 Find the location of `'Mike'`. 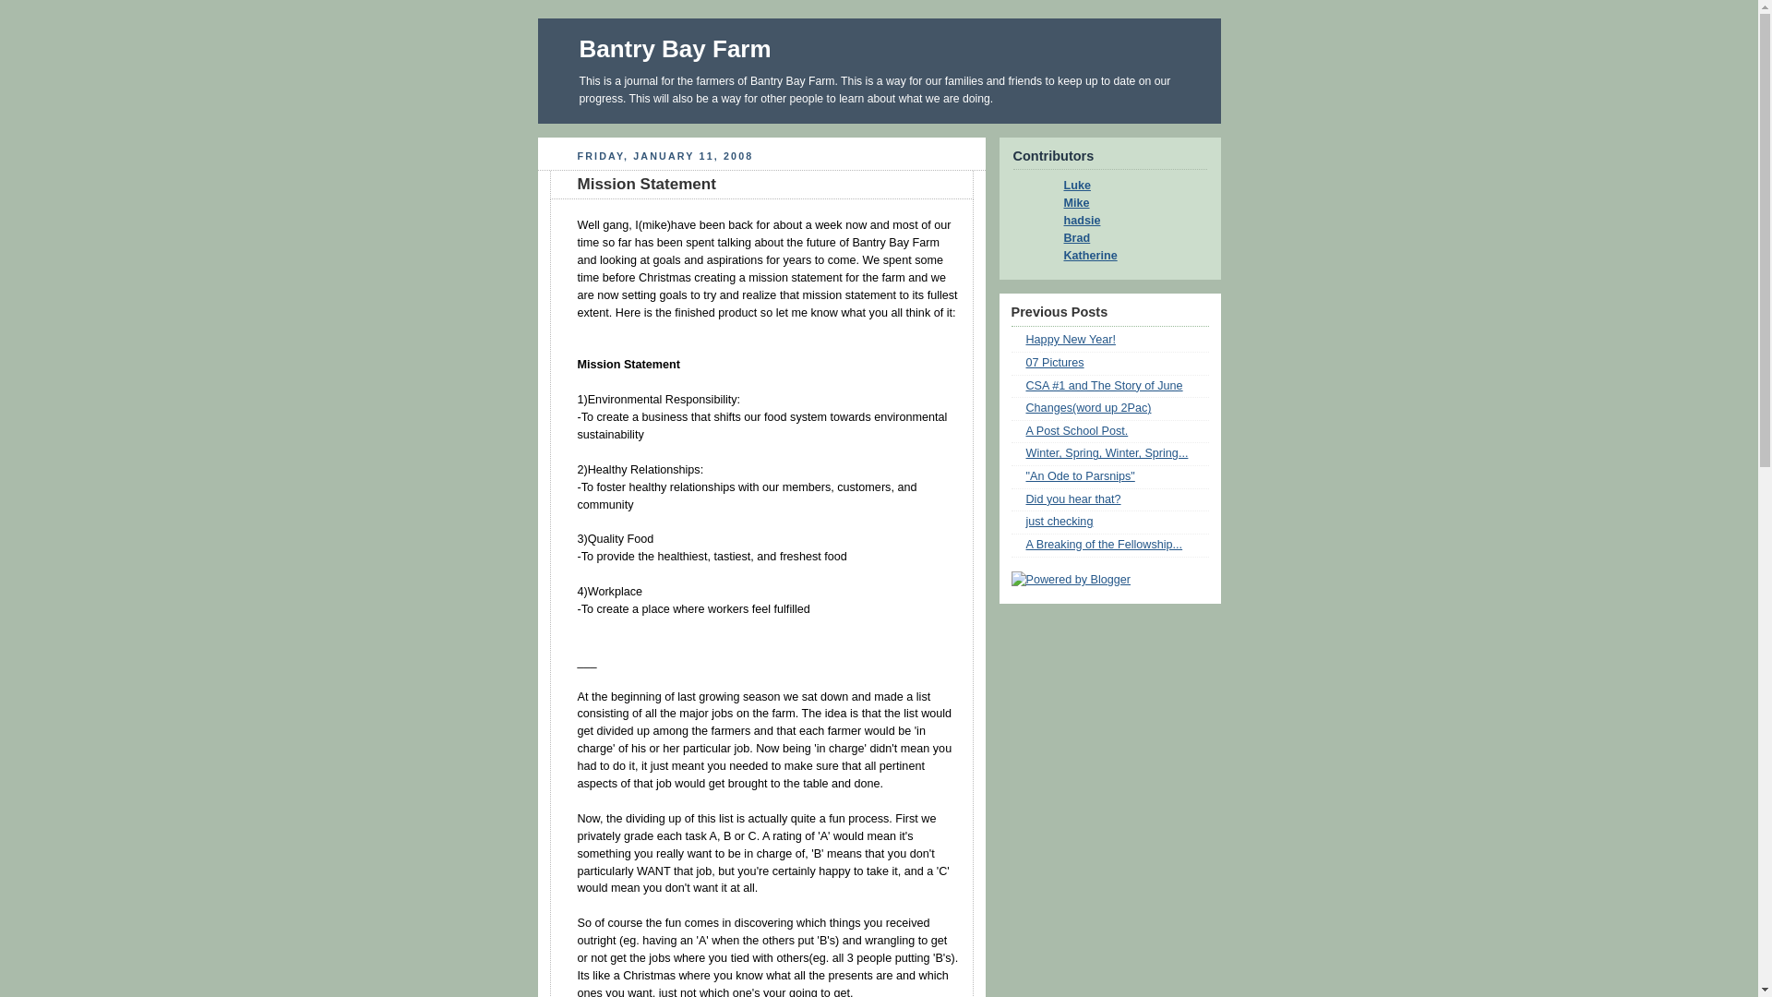

'Mike' is located at coordinates (1070, 202).